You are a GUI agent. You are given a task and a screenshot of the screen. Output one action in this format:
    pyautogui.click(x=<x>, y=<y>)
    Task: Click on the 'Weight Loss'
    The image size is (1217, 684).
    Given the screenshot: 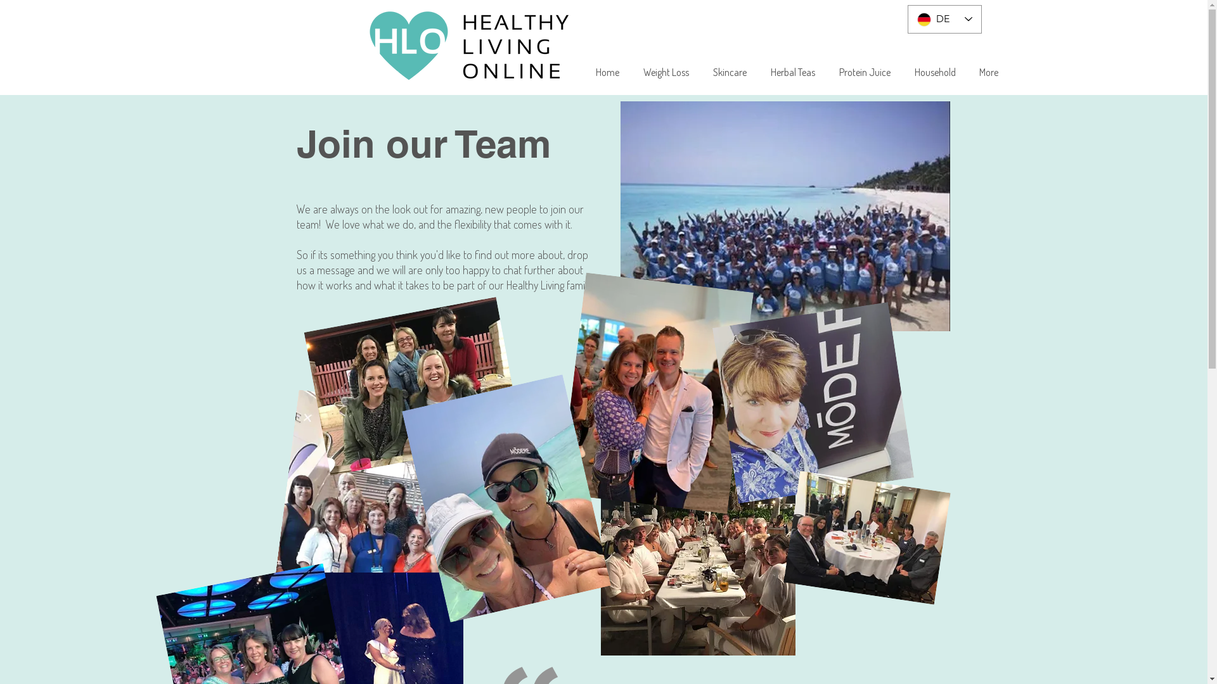 What is the action you would take?
    pyautogui.click(x=666, y=72)
    